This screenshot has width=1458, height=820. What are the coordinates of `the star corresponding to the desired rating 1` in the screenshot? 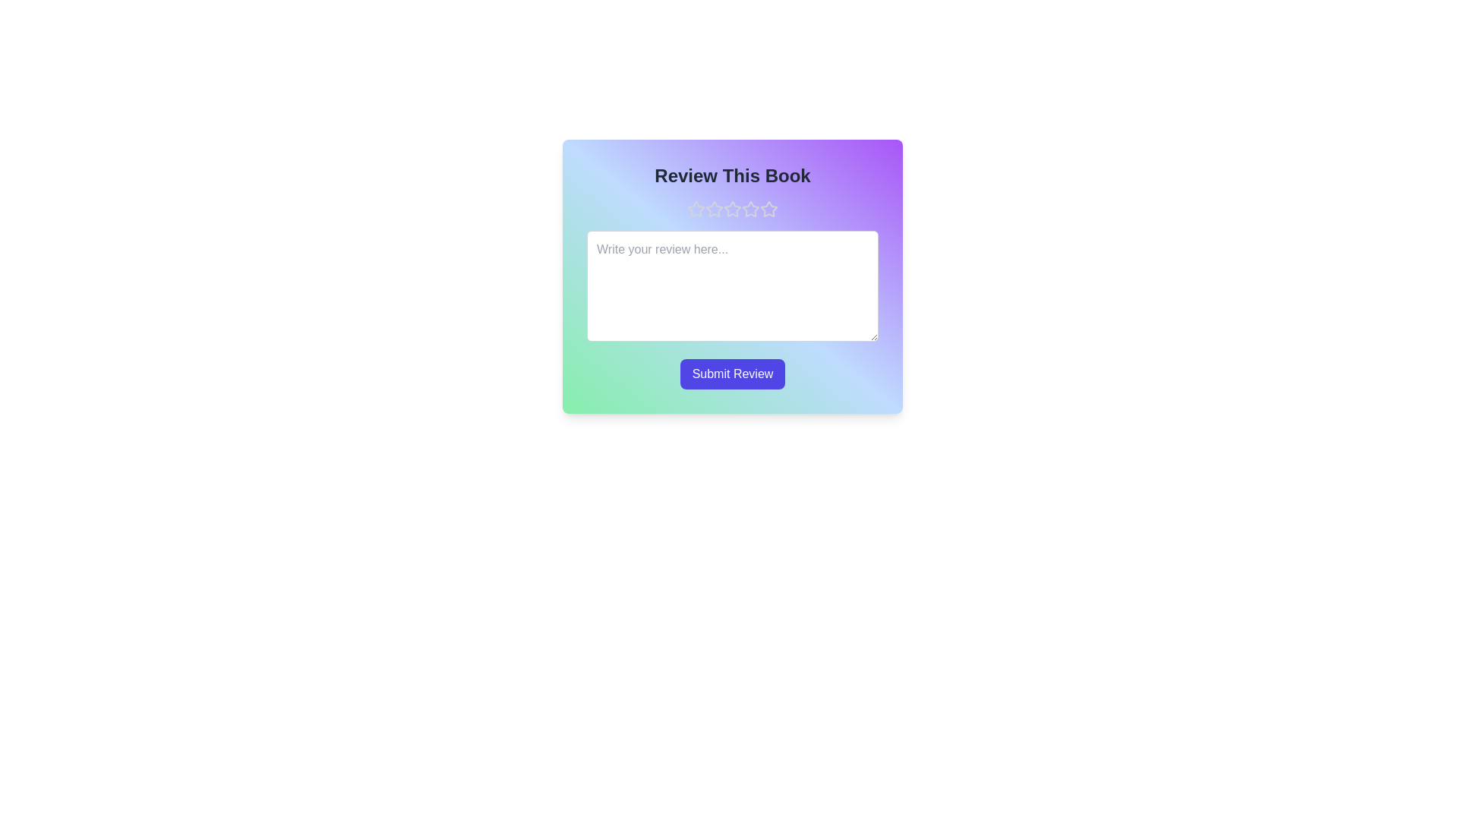 It's located at (695, 210).